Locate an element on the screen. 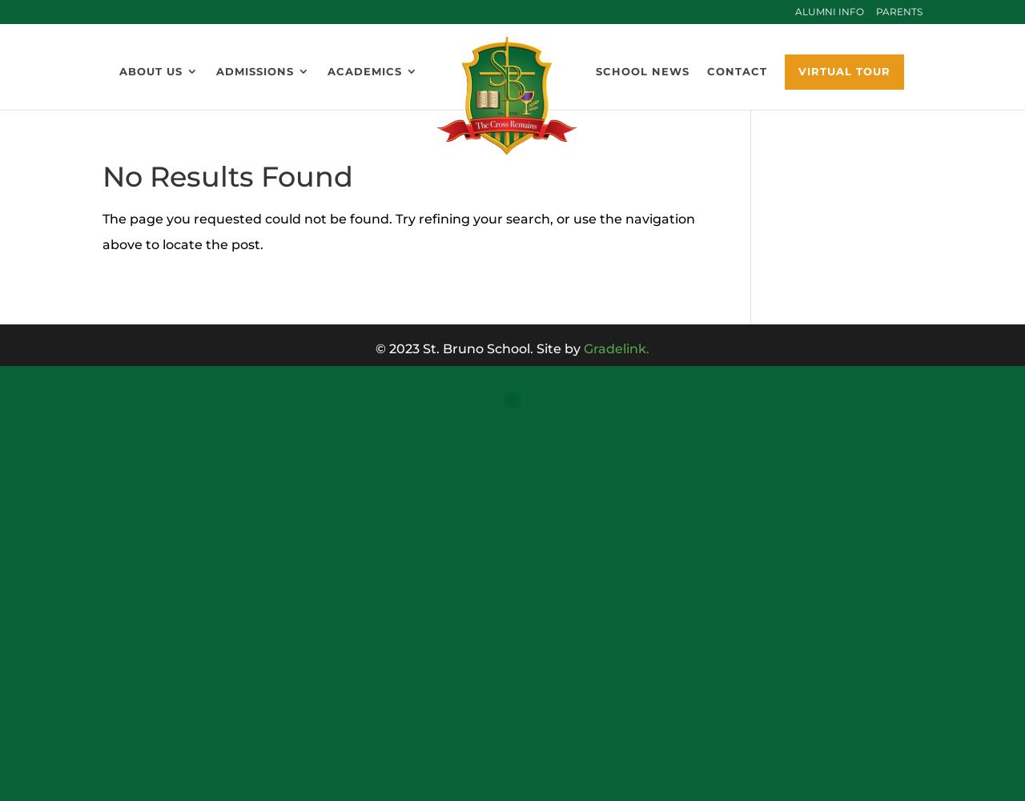 The width and height of the screenshot is (1025, 801). 'School News' is located at coordinates (642, 70).